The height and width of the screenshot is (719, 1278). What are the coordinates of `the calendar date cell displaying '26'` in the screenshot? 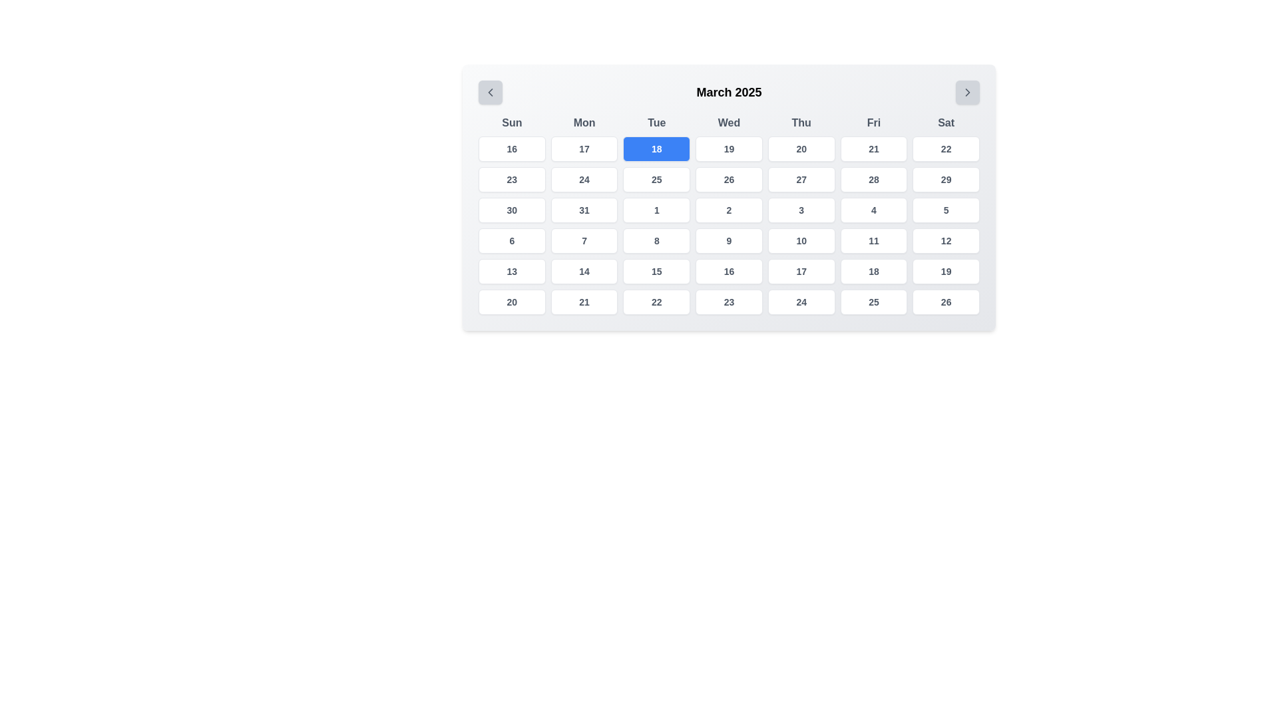 It's located at (945, 302).